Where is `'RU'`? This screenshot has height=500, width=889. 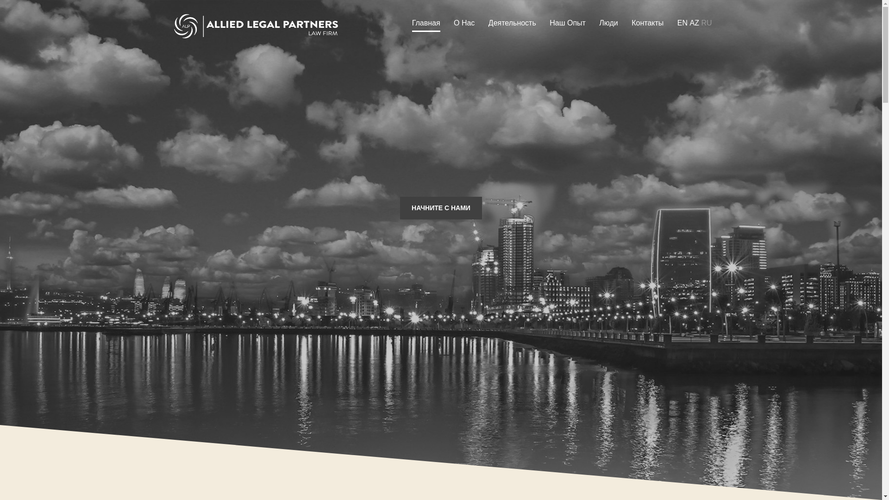
'RU' is located at coordinates (706, 23).